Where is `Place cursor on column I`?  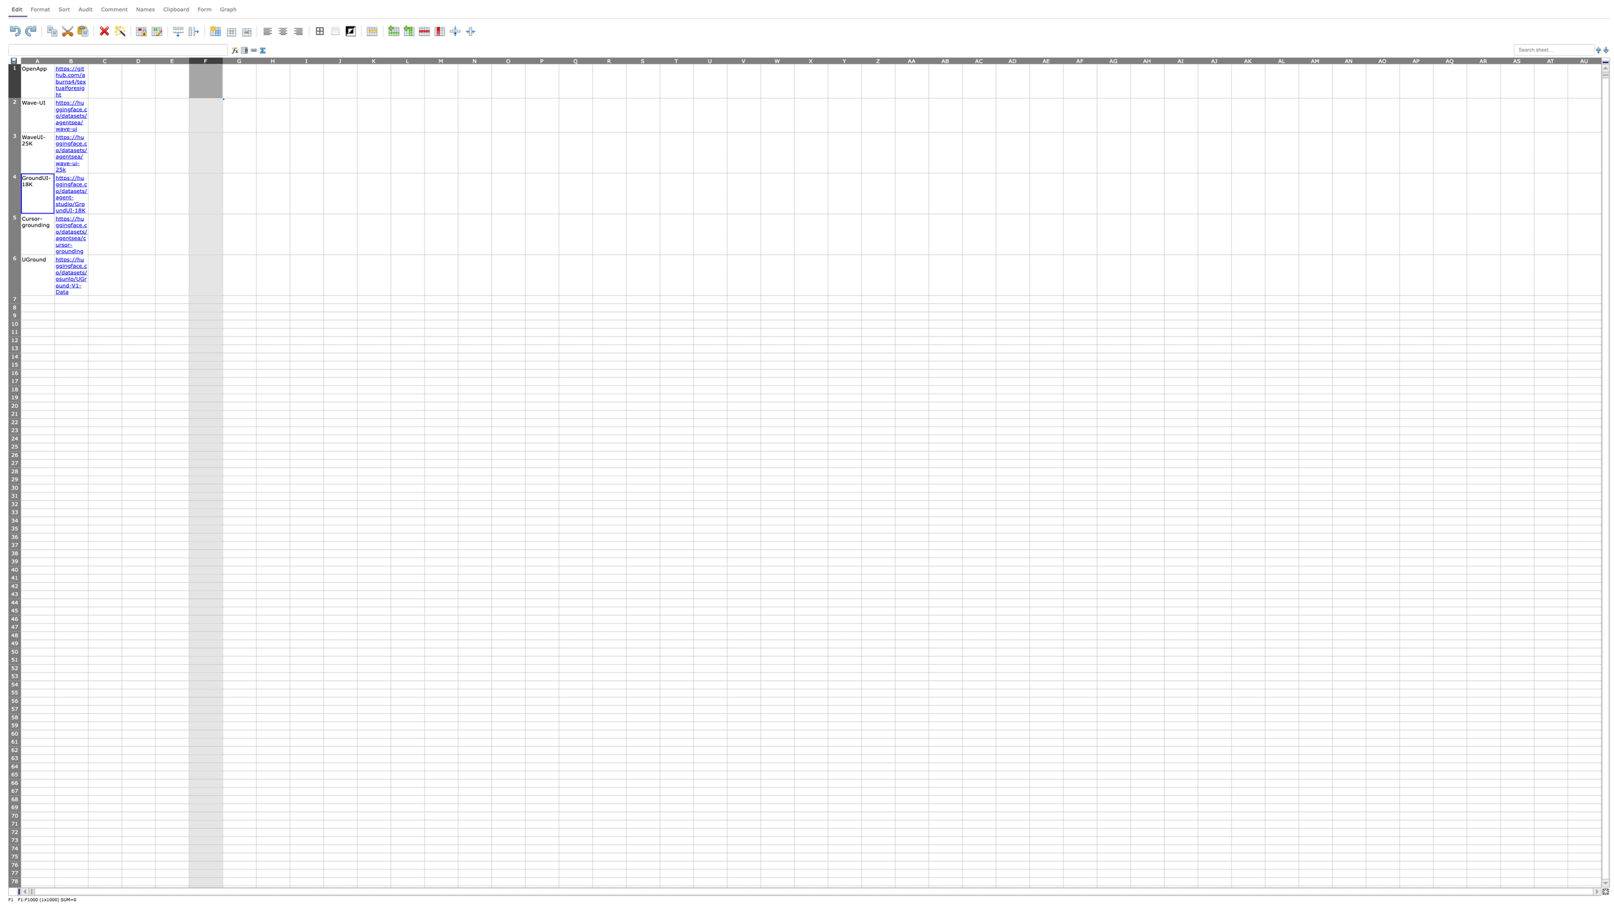
Place cursor on column I is located at coordinates (306, 60).